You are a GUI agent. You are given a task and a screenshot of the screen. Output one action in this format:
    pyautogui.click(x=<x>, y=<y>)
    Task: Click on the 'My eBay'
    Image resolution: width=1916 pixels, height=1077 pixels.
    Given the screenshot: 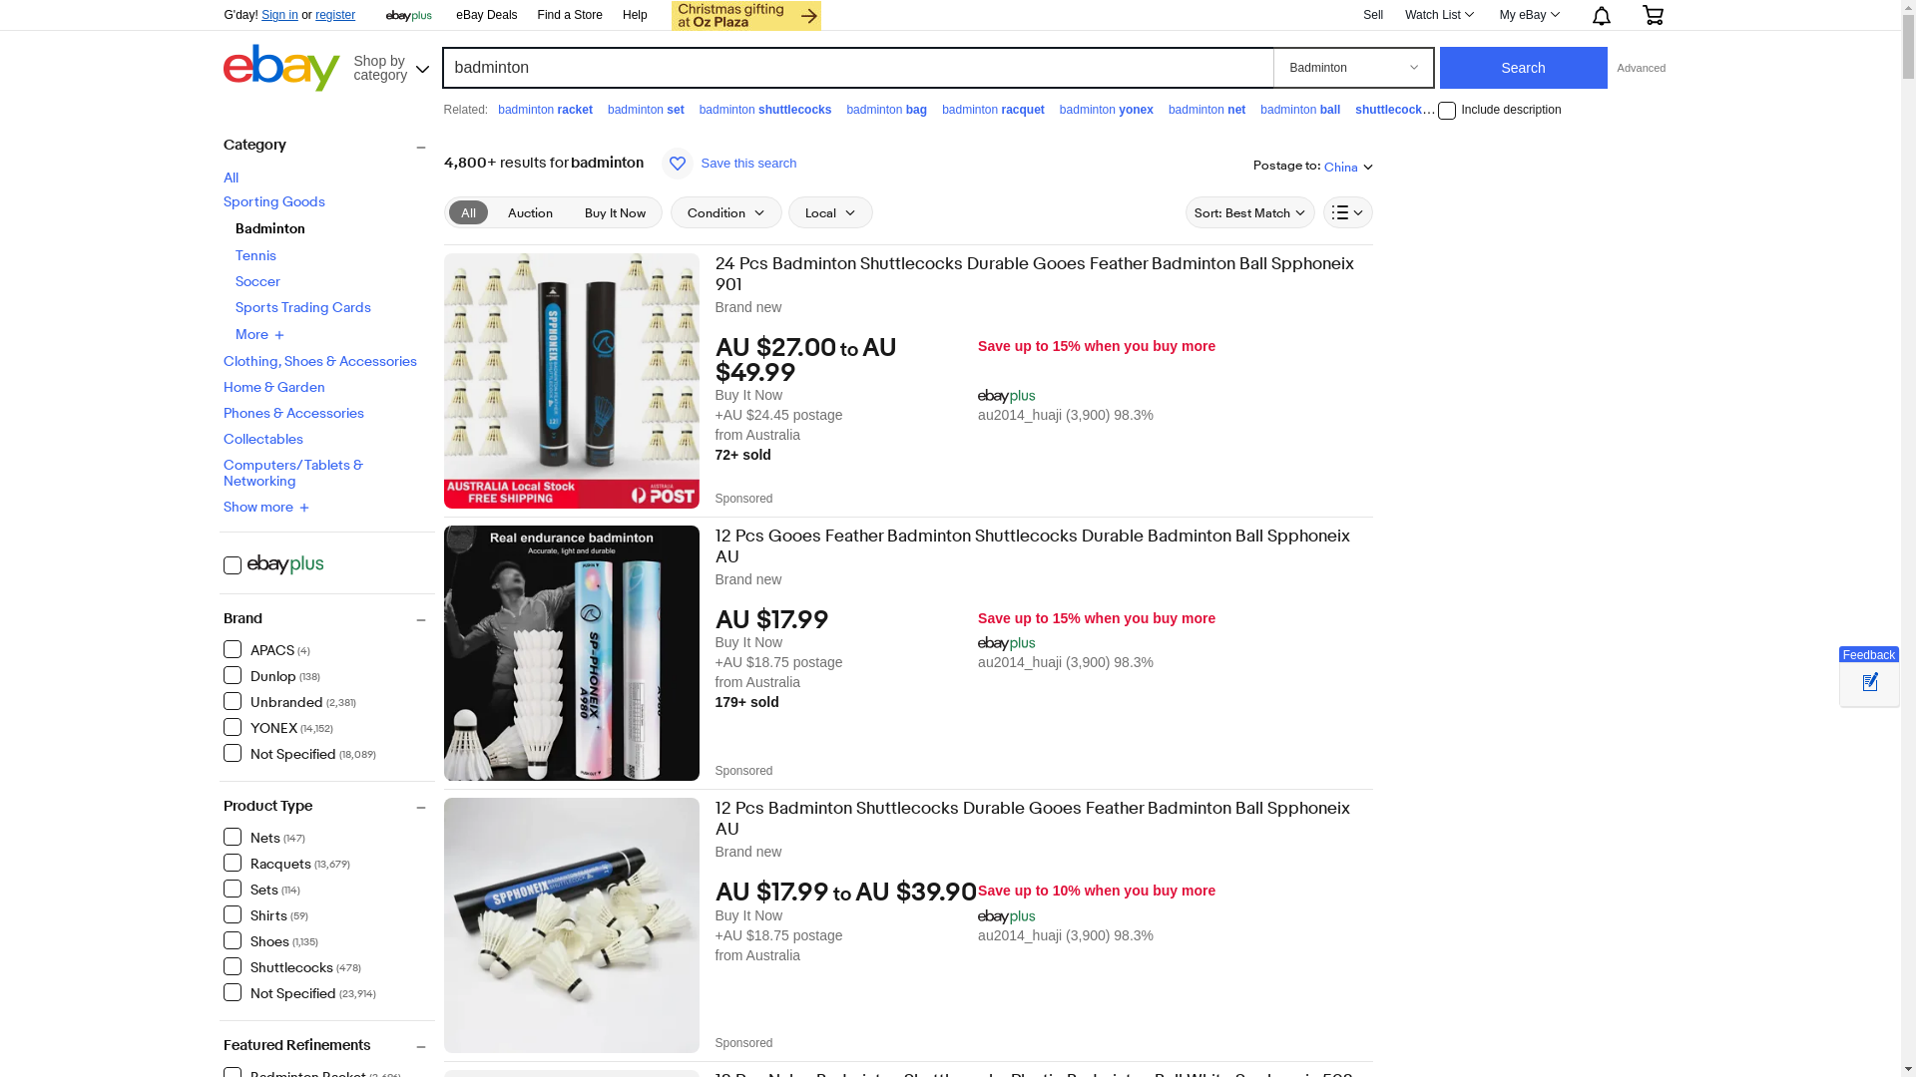 What is the action you would take?
    pyautogui.click(x=1527, y=15)
    